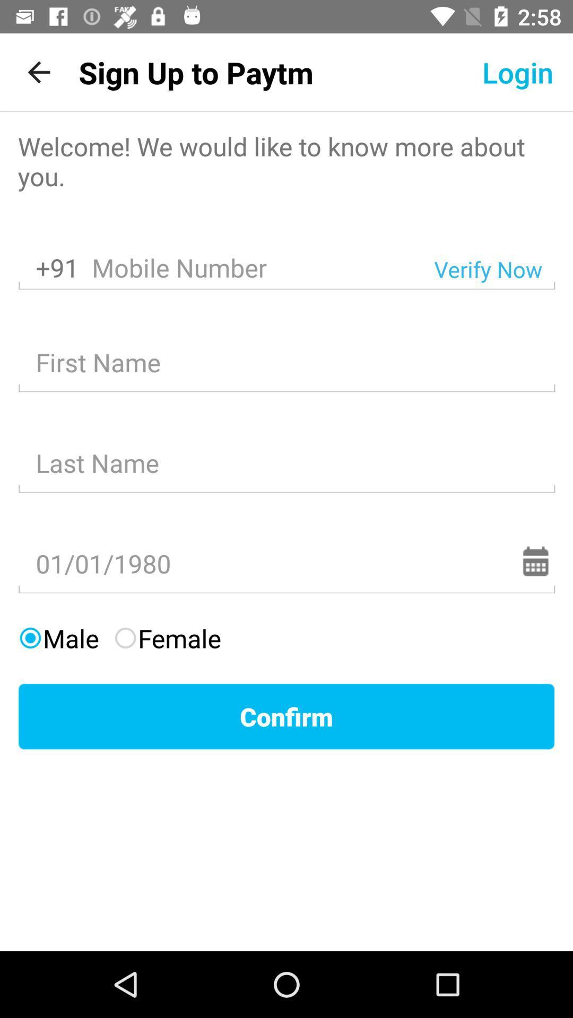  I want to click on male, so click(58, 637).